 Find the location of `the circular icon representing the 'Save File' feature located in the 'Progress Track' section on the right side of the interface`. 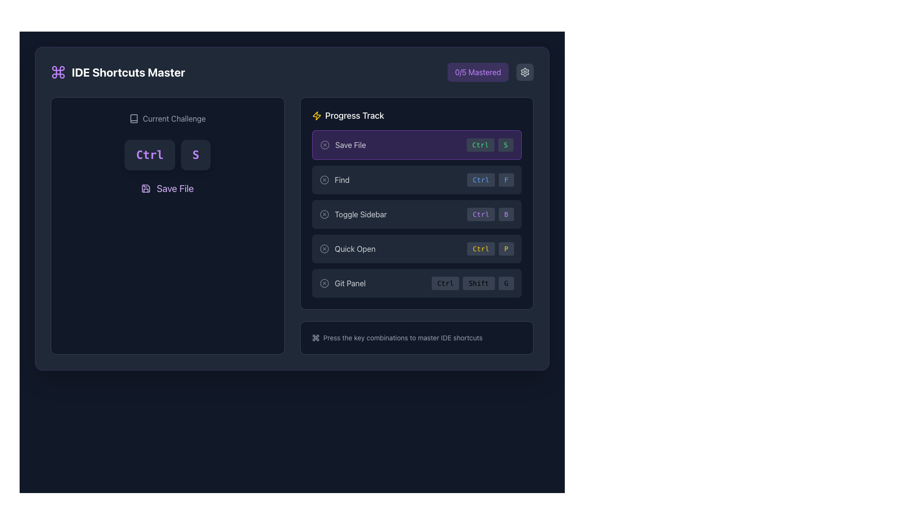

the circular icon representing the 'Save File' feature located in the 'Progress Track' section on the right side of the interface is located at coordinates (325, 145).